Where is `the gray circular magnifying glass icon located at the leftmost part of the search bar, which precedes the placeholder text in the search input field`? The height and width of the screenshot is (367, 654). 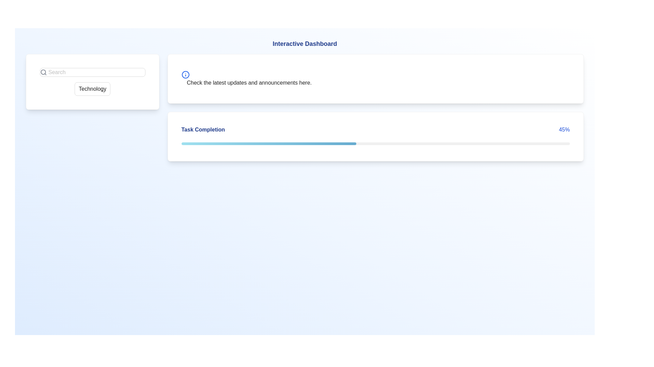
the gray circular magnifying glass icon located at the leftmost part of the search bar, which precedes the placeholder text in the search input field is located at coordinates (43, 72).